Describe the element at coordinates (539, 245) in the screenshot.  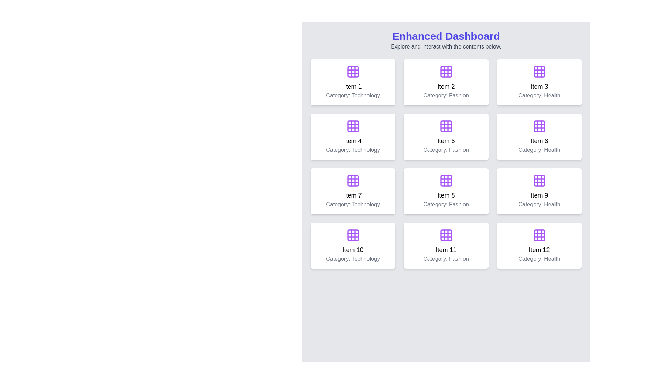
I see `the non-interactive information card labeled 'Item 12' with a purple grid icon at the top, located in the bottom-right corner of the grid layout` at that location.